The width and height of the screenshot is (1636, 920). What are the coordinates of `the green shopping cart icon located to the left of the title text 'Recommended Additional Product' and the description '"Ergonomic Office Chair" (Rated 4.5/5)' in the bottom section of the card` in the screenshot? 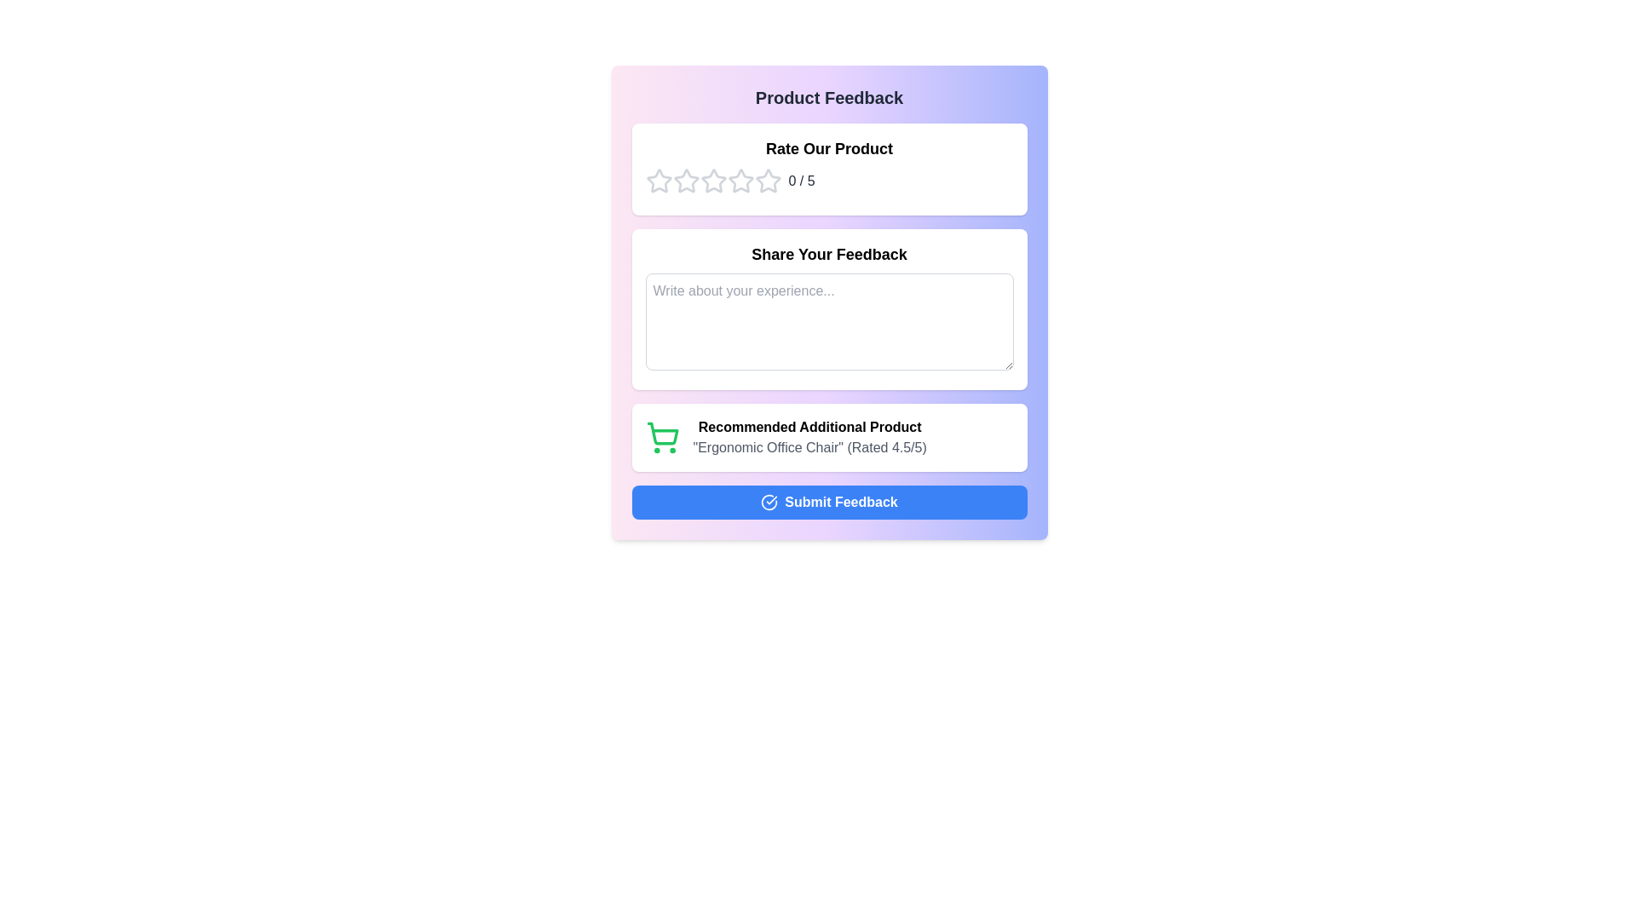 It's located at (661, 436).